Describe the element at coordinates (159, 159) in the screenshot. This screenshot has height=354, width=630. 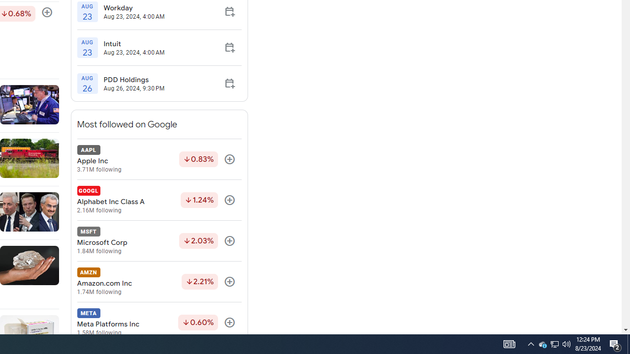
I see `'AAPL Apple Inc 3.71M following Down by 0.83% Follow'` at that location.